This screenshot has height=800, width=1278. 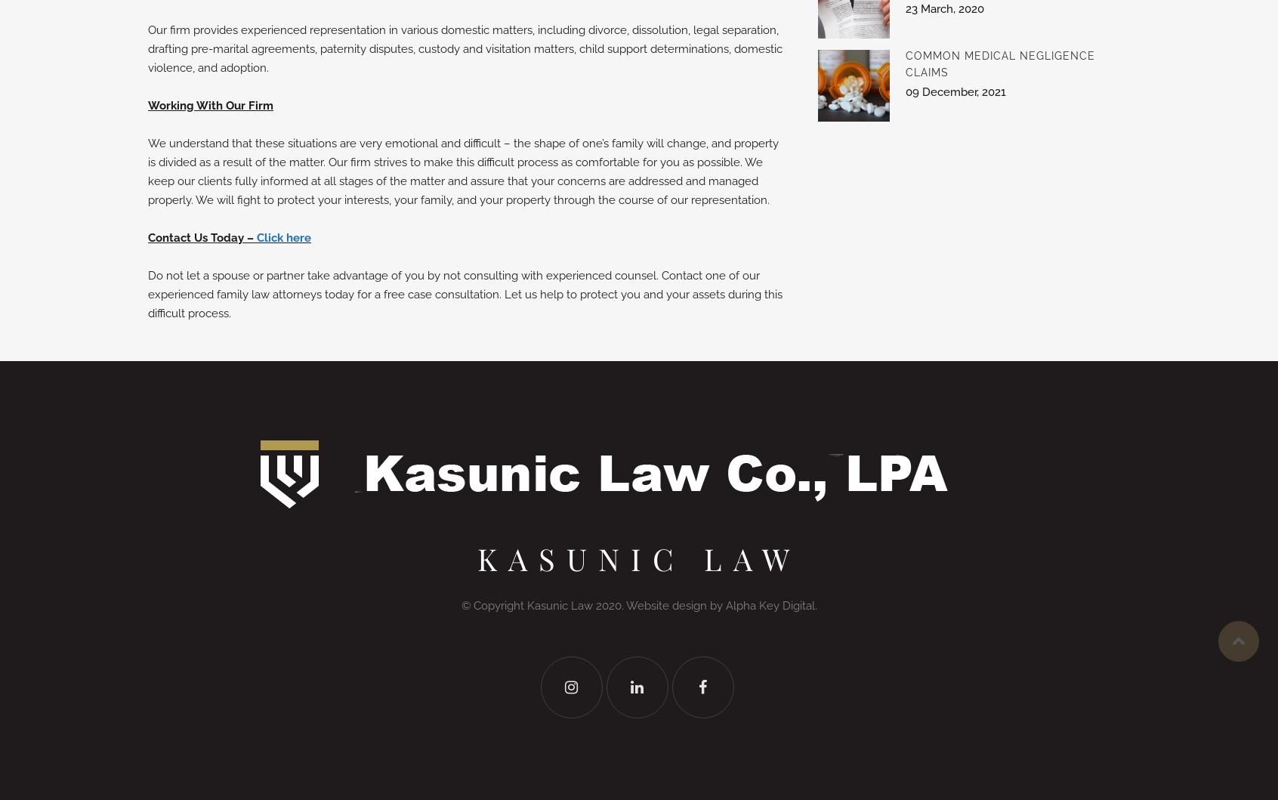 I want to click on 'Do not let a spouse or partner take advantage of you by not consulting with experienced counsel. Contact one of our experienced family law attorneys today for a free case consultation. Let us help to protect you and your assets during this difficult process.', so click(x=147, y=294).